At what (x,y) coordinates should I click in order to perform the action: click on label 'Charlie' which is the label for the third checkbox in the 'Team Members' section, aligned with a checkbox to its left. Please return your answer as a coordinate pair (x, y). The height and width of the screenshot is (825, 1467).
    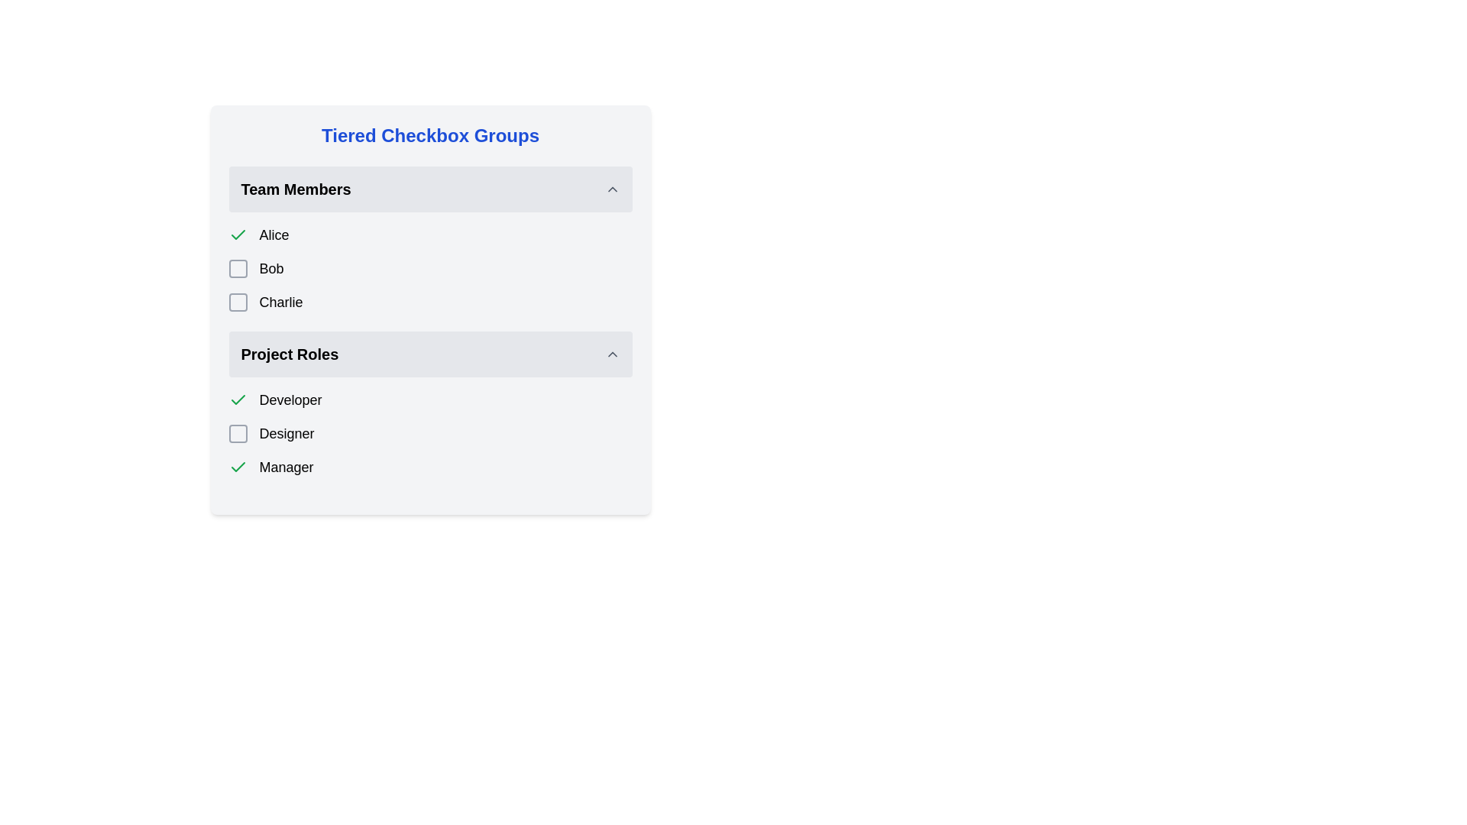
    Looking at the image, I should click on (281, 302).